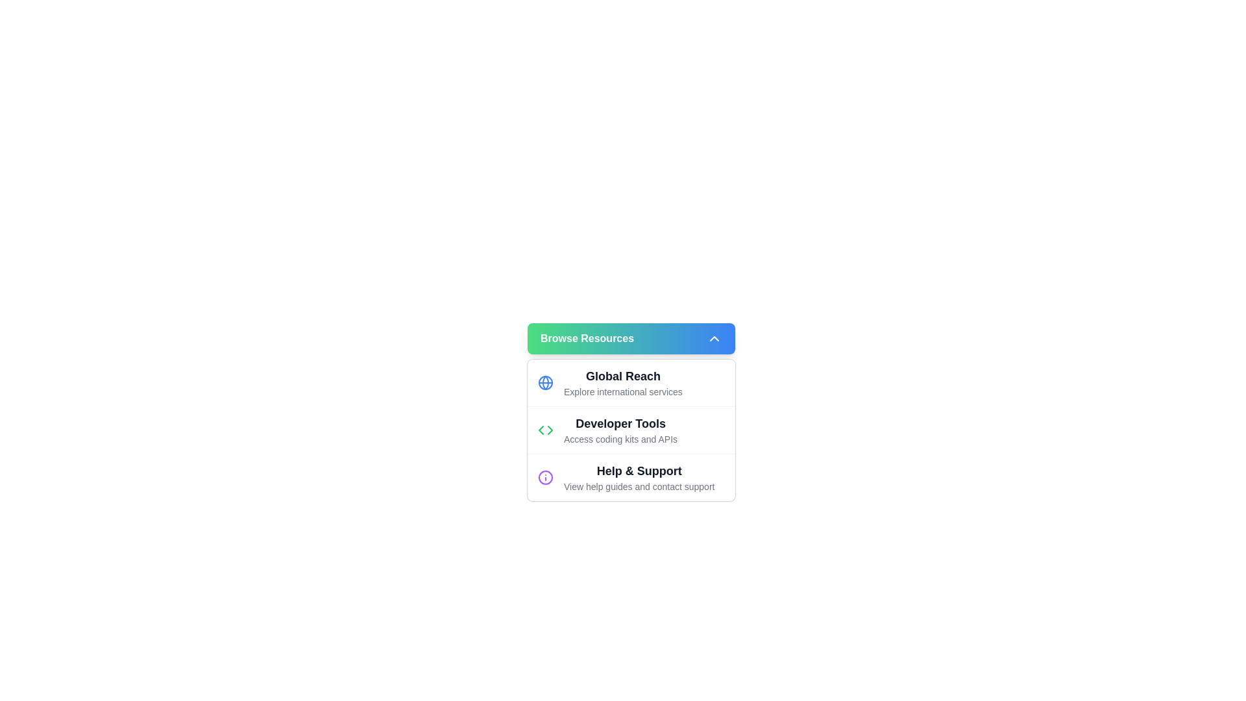  Describe the element at coordinates (631, 430) in the screenshot. I see `the second list item titled 'Developer Tools' in the dropdown menu 'Browse Resources'` at that location.